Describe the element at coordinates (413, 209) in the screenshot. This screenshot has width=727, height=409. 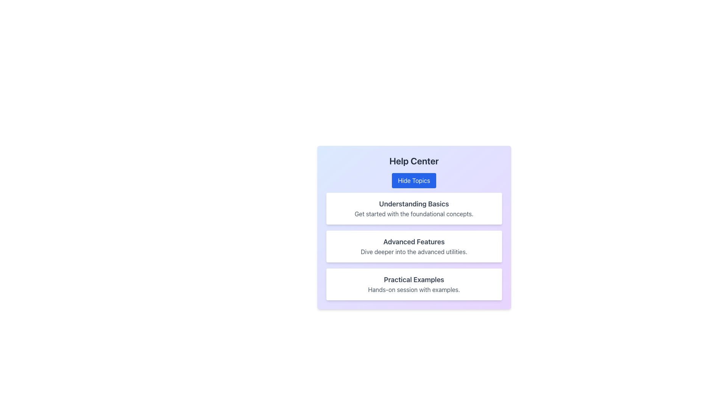
I see `the first Textual content block in the 'Help Center' that introduces foundational concepts` at that location.